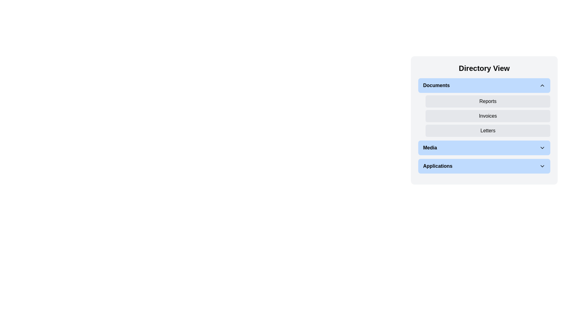  What do you see at coordinates (484, 107) in the screenshot?
I see `the topmost collapsible section labeled 'Documents' in the 'Directory View' panel` at bounding box center [484, 107].